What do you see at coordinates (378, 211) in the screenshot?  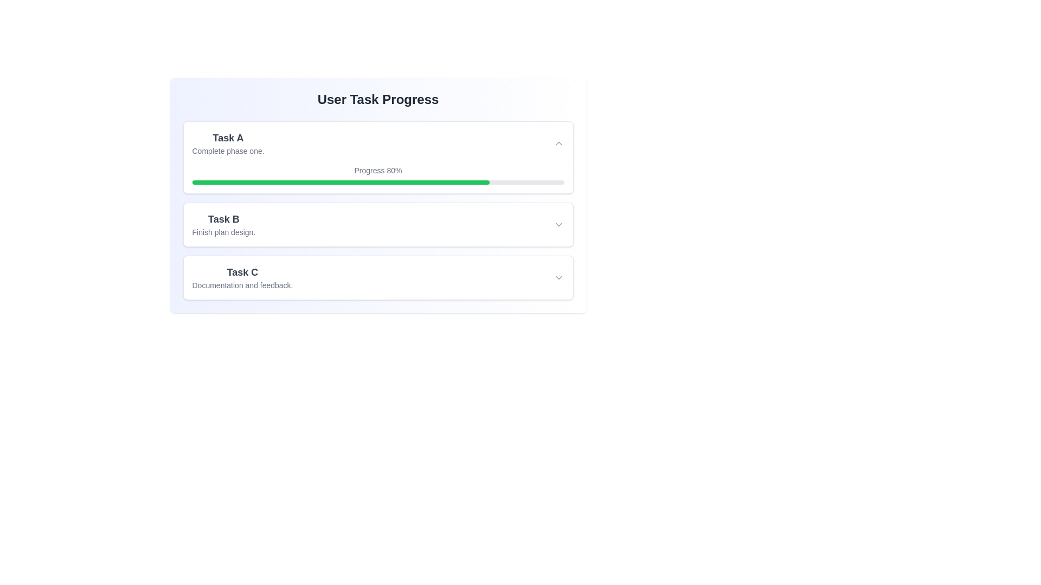 I see `the second task item in the 'User Task Progress' section to edit its details` at bounding box center [378, 211].